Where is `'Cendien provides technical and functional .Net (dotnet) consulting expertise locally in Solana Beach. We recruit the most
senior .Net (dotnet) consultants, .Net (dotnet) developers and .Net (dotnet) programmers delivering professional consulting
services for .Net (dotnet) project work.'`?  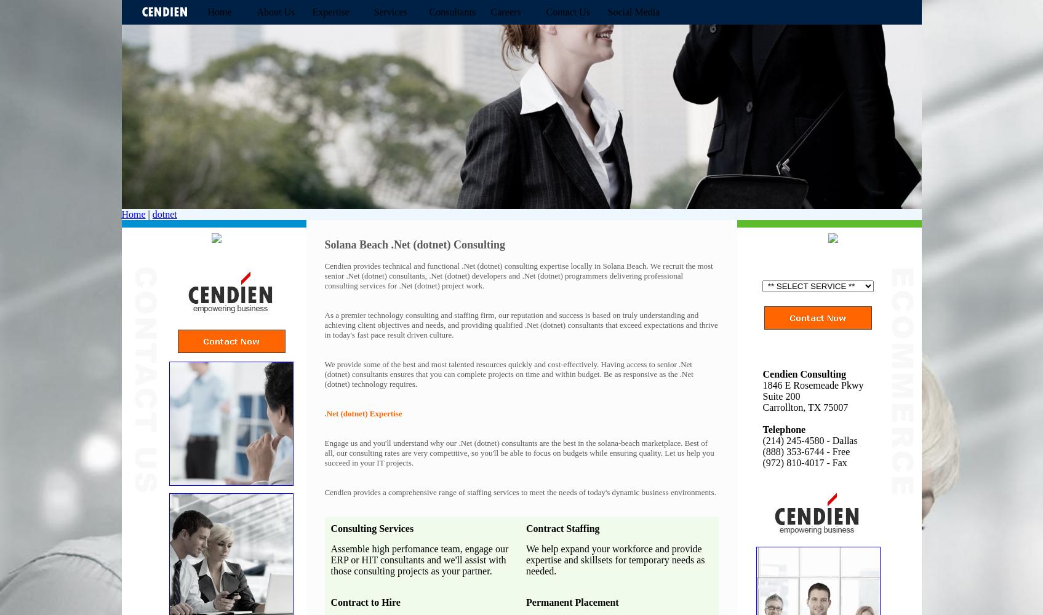
'Cendien provides technical and functional .Net (dotnet) consulting expertise locally in Solana Beach. We recruit the most
senior .Net (dotnet) consultants, .Net (dotnet) developers and .Net (dotnet) programmers delivering professional consulting
services for .Net (dotnet) project work.' is located at coordinates (324, 275).